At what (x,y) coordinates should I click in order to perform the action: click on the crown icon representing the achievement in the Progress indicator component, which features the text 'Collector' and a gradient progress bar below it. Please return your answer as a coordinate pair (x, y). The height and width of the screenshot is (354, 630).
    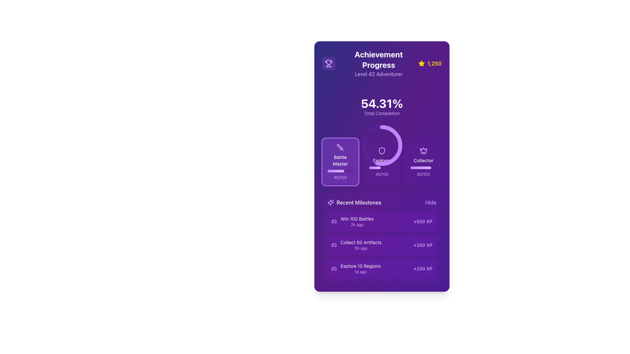
    Looking at the image, I should click on (423, 162).